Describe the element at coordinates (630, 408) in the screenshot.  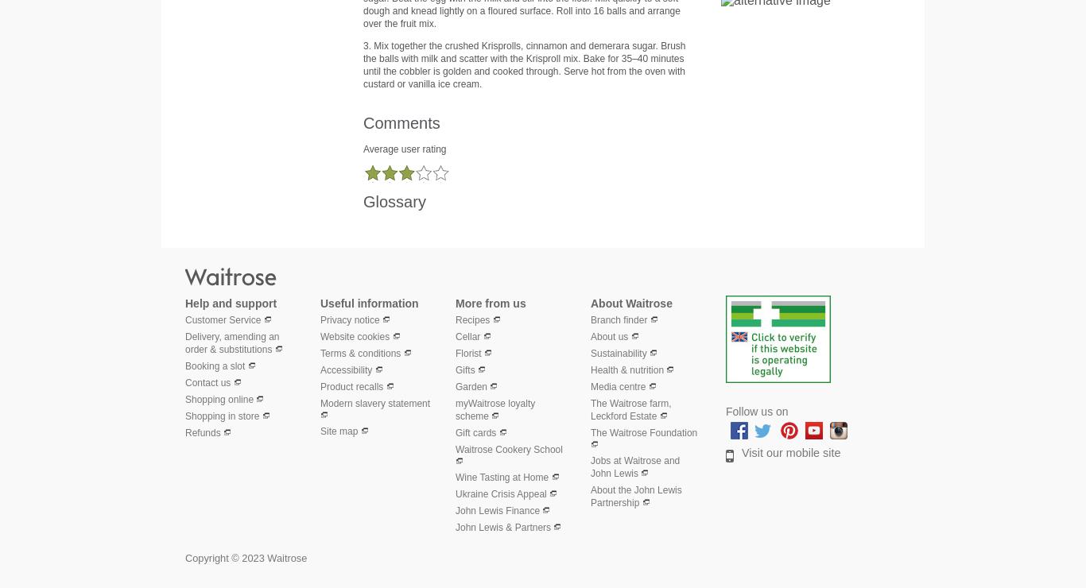
I see `'The Waitrose farm, Leckford Estate'` at that location.